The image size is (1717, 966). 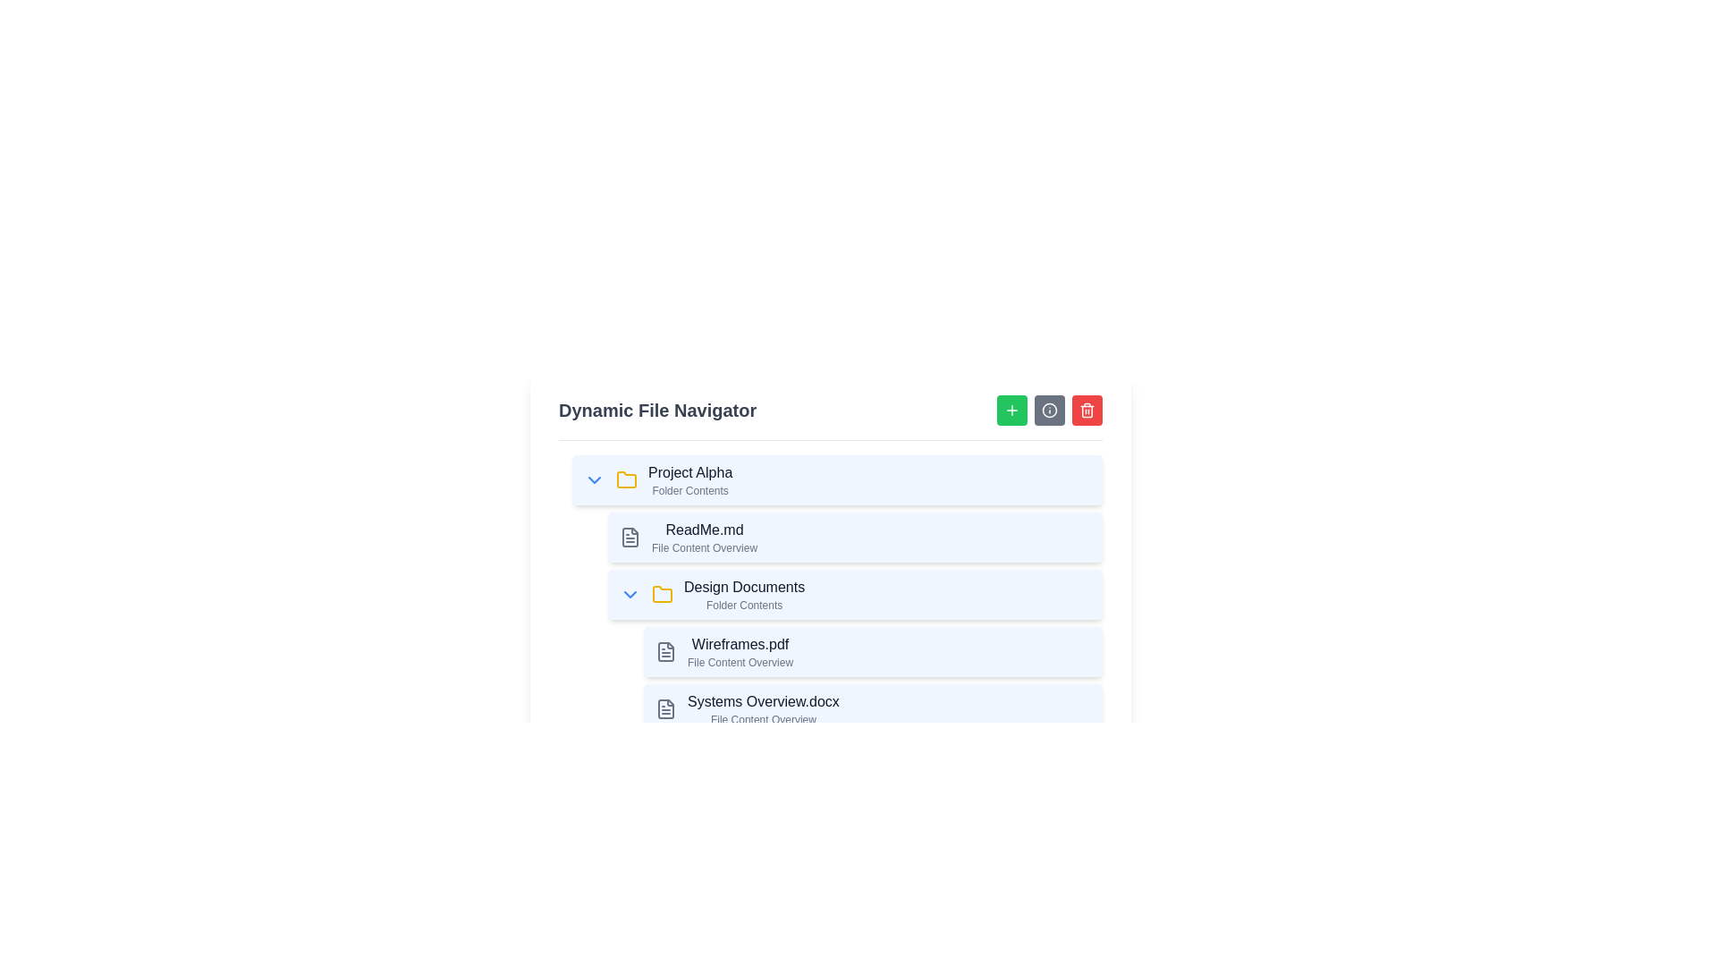 I want to click on the information icon, which is styled with a minimalist design and located in a rounded rectangular button in the upper right section of the interface, so click(x=1050, y=411).